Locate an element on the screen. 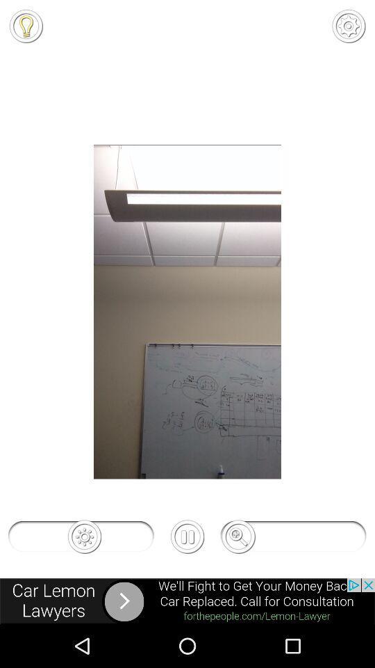 The width and height of the screenshot is (375, 668). settings is located at coordinates (348, 25).